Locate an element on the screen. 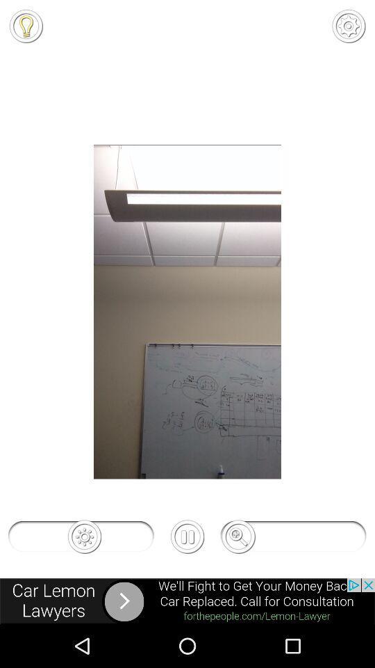 The width and height of the screenshot is (375, 668). settings is located at coordinates (348, 25).